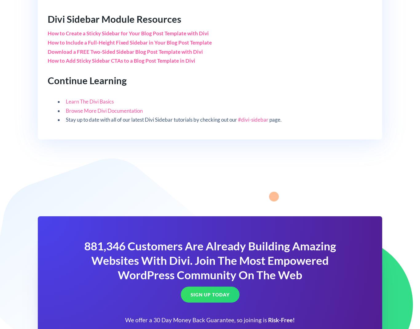  Describe the element at coordinates (65, 110) in the screenshot. I see `'Browse More Divi Documentation'` at that location.